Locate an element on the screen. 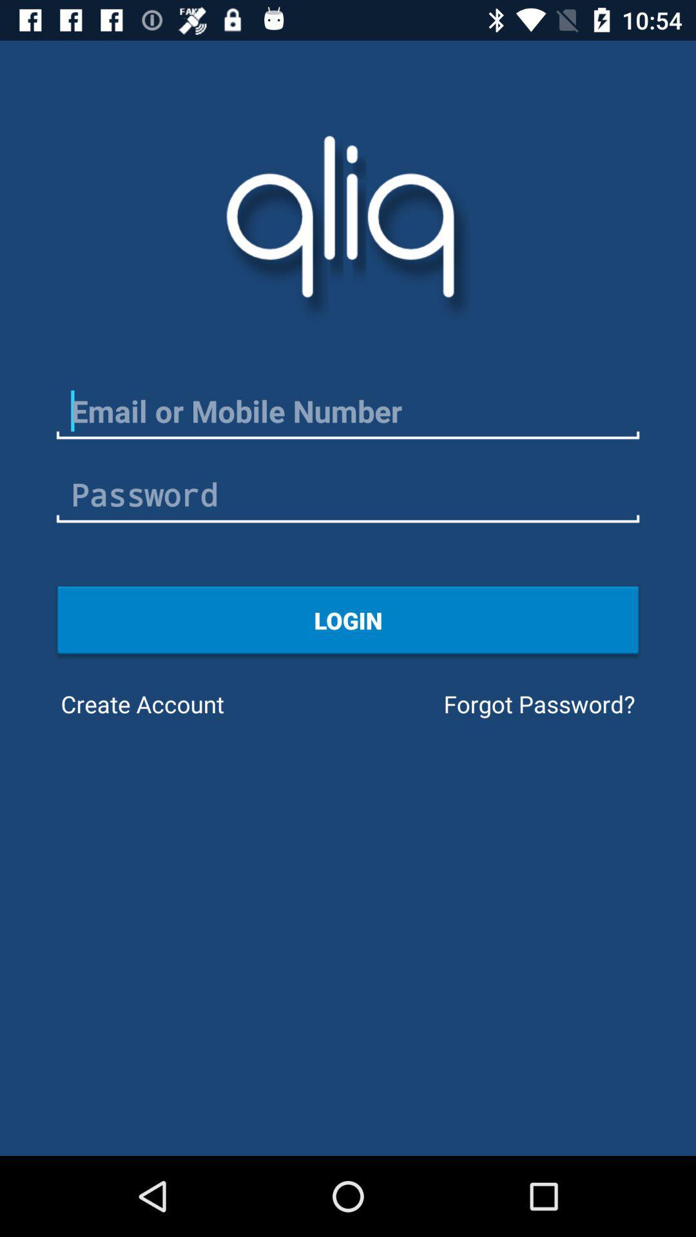 The height and width of the screenshot is (1237, 696). password is located at coordinates (348, 494).